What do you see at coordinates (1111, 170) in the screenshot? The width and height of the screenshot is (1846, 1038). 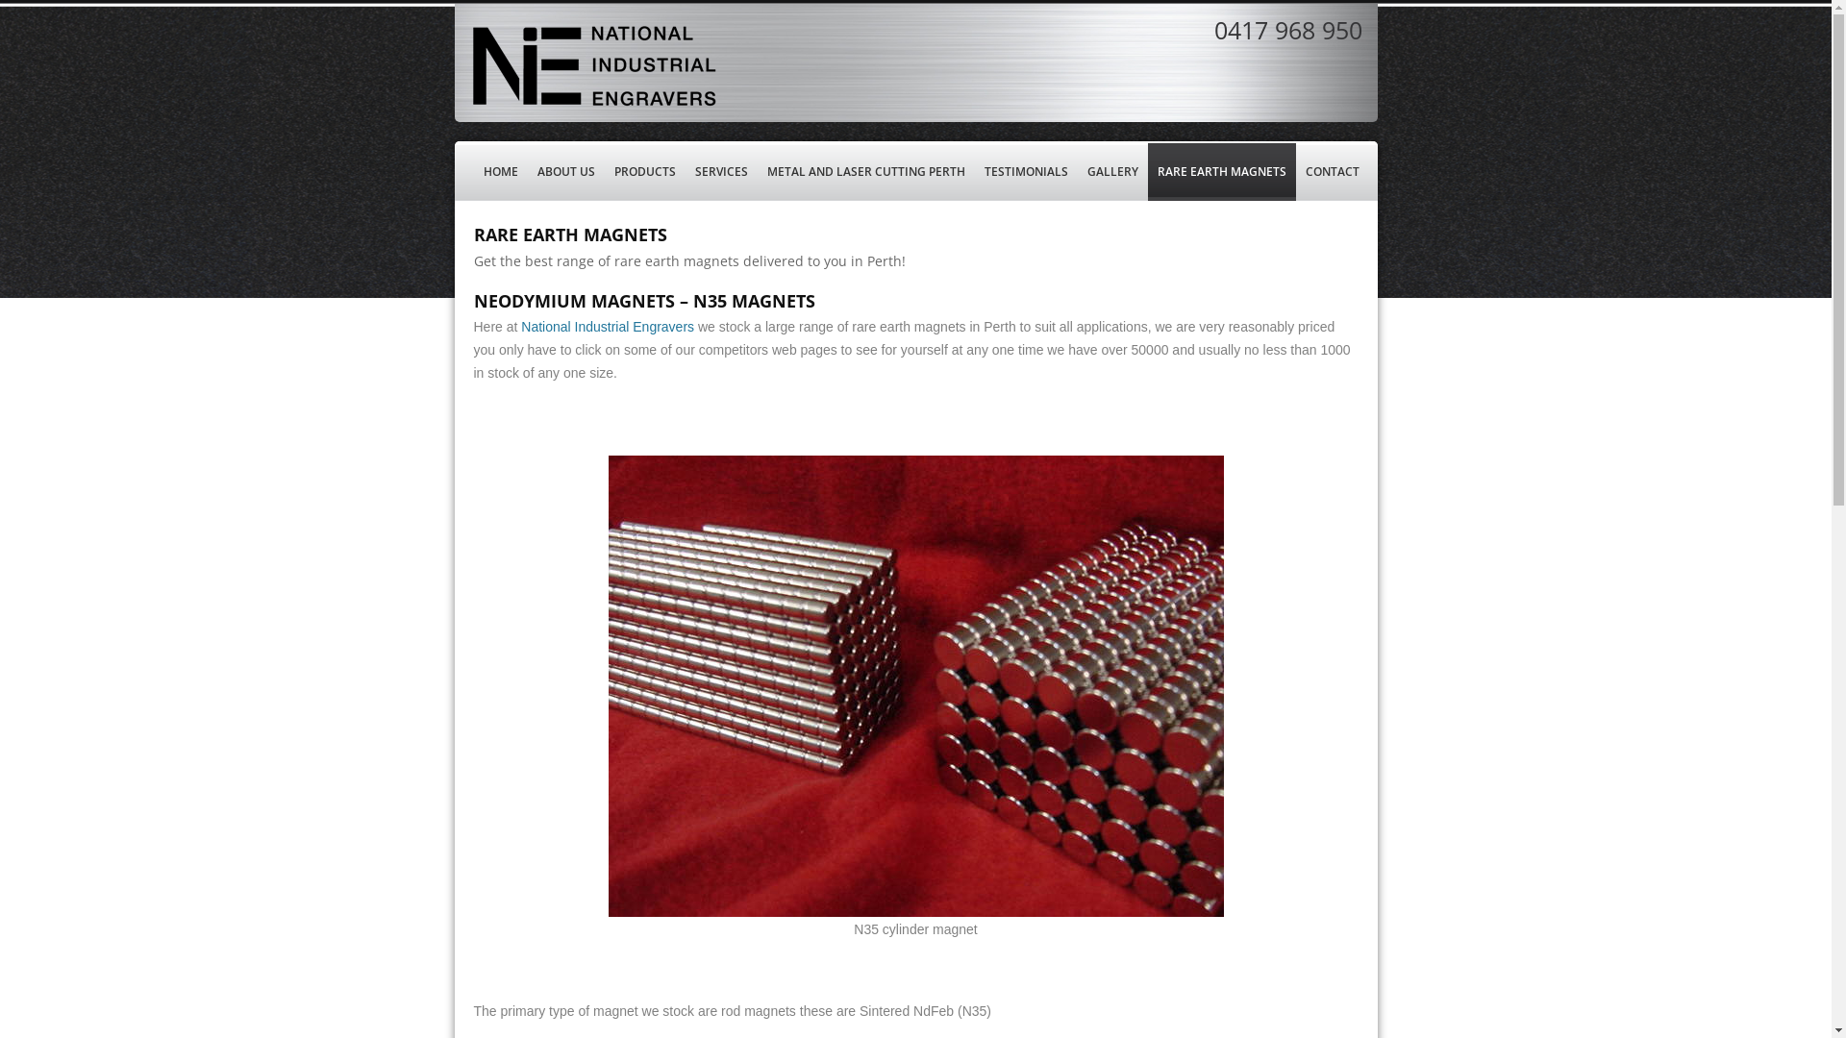 I see `'GALLERY'` at bounding box center [1111, 170].